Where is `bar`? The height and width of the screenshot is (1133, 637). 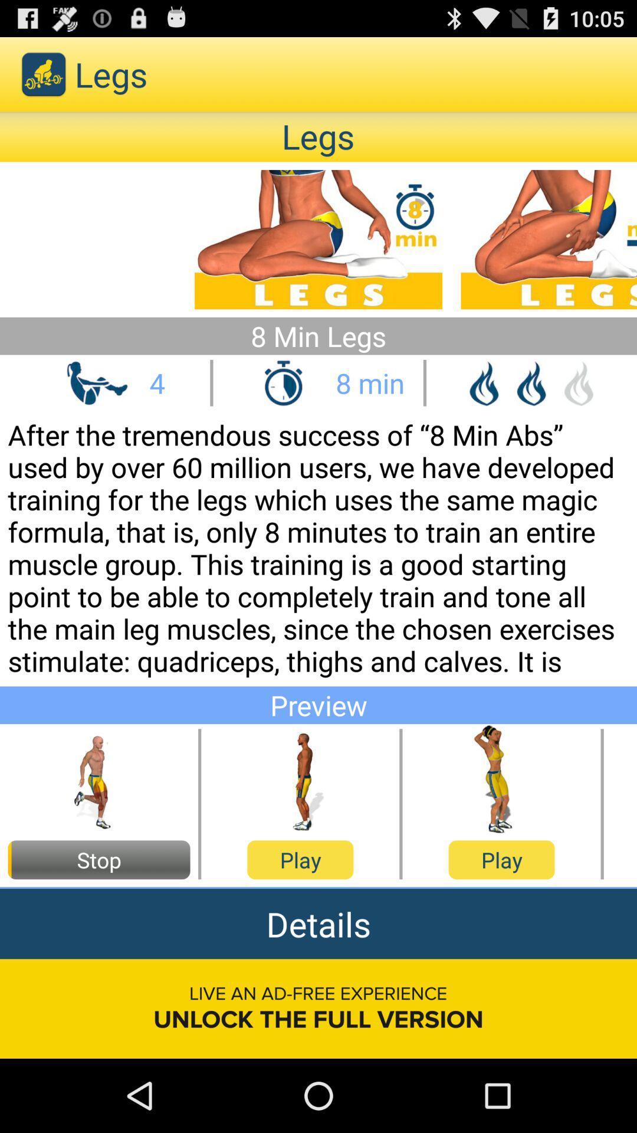
bar is located at coordinates (300, 780).